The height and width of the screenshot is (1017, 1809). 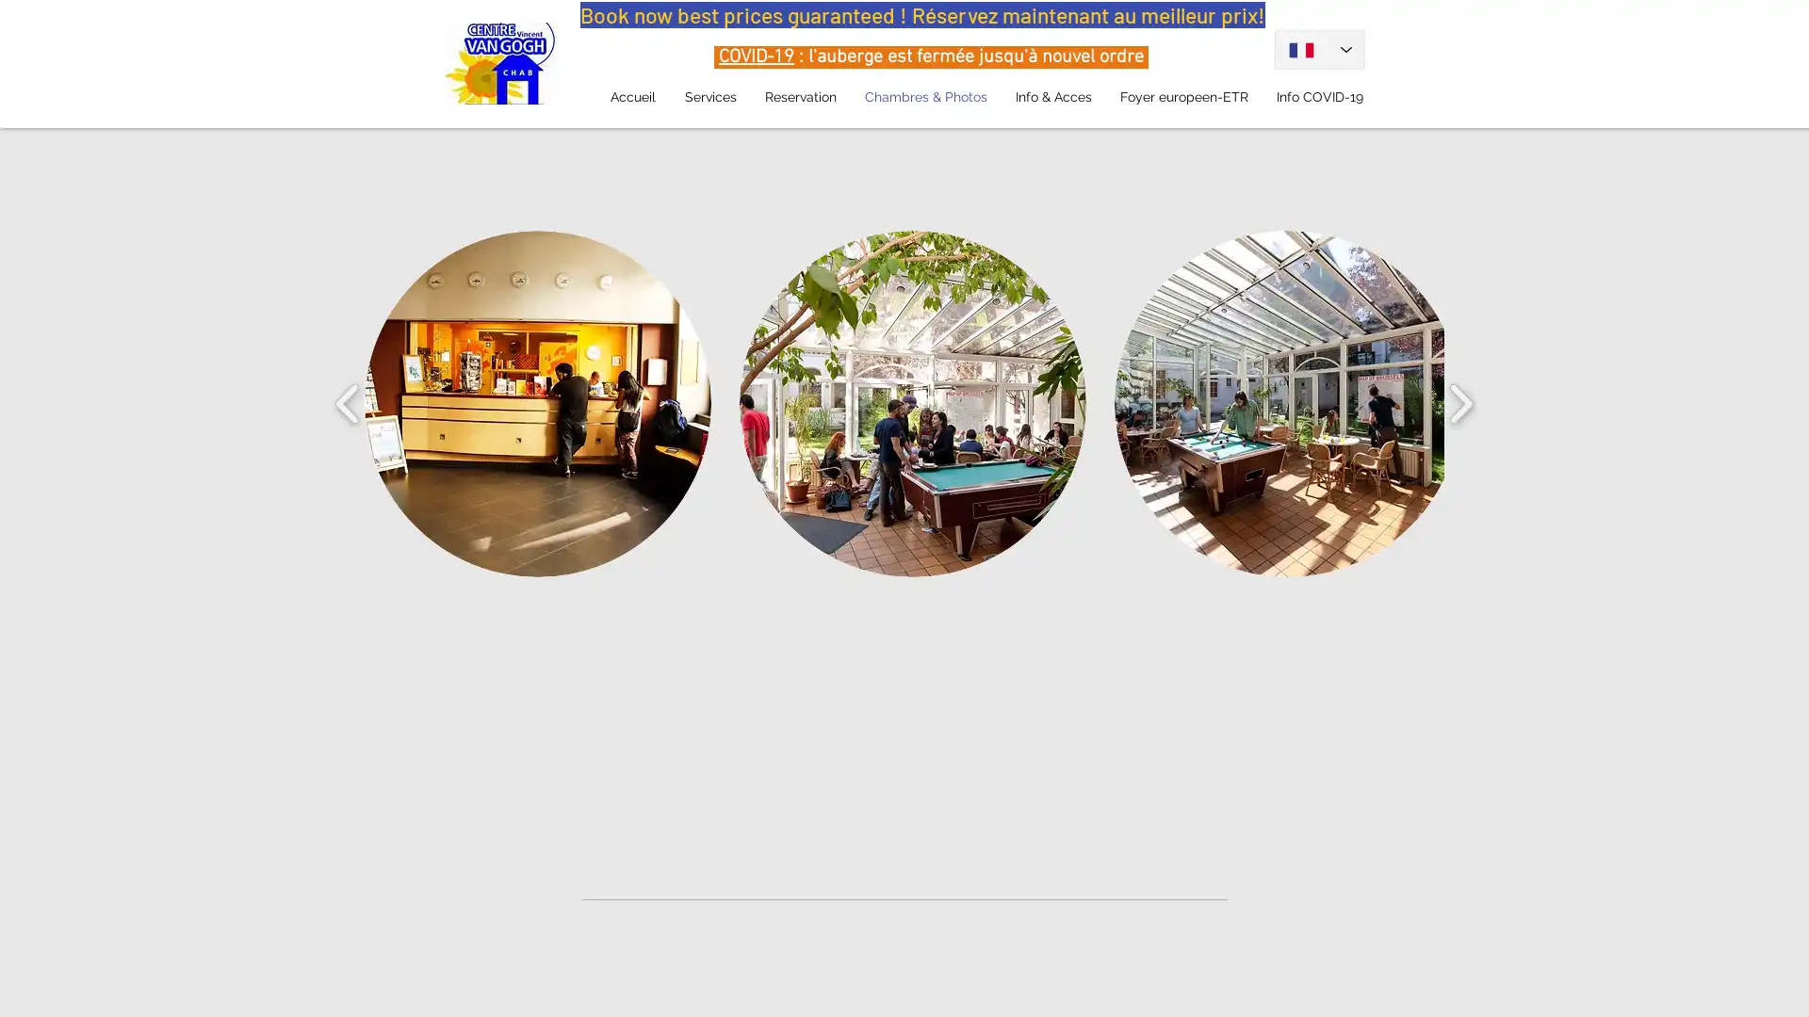 I want to click on play forward, so click(x=1459, y=402).